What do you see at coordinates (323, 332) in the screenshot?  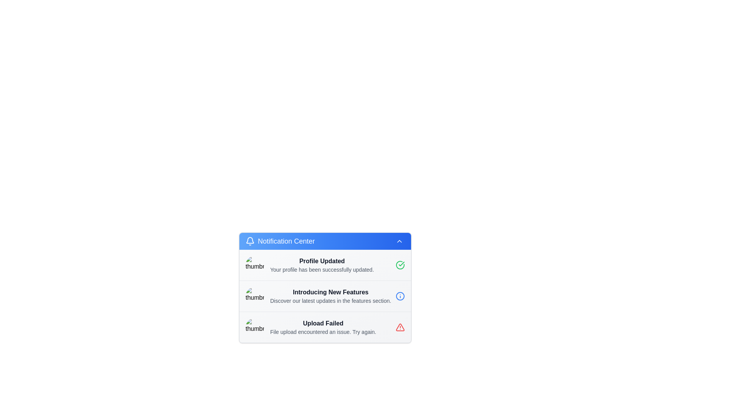 I see `text content of the paragraph that states 'File upload encountered an issue. Try again.' which is displayed in a subdued gray color below the heading 'Upload Failed'` at bounding box center [323, 332].